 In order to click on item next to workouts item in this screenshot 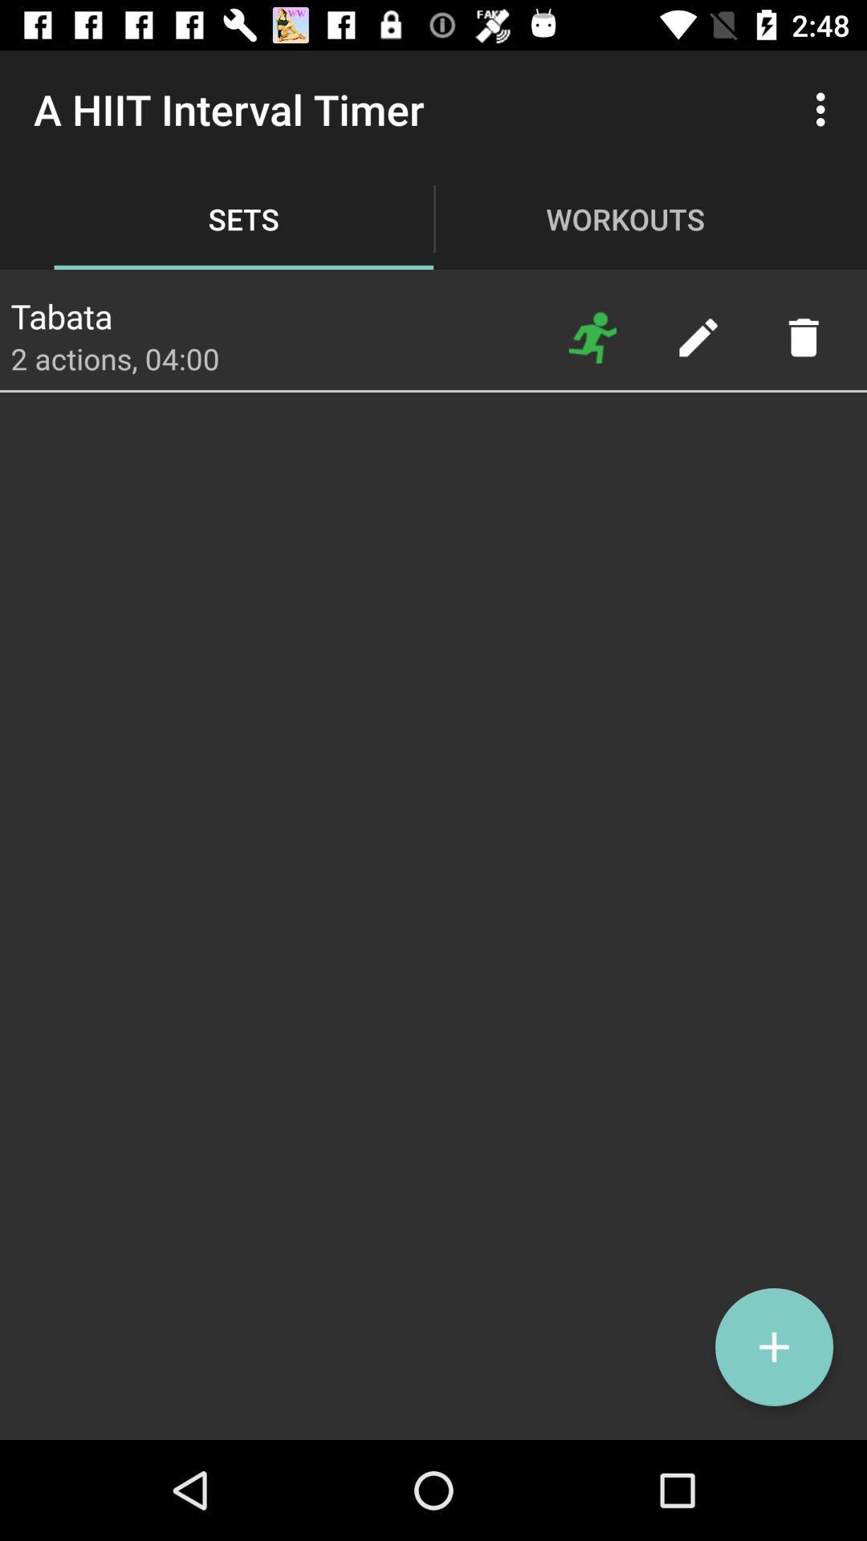, I will do `click(824, 108)`.